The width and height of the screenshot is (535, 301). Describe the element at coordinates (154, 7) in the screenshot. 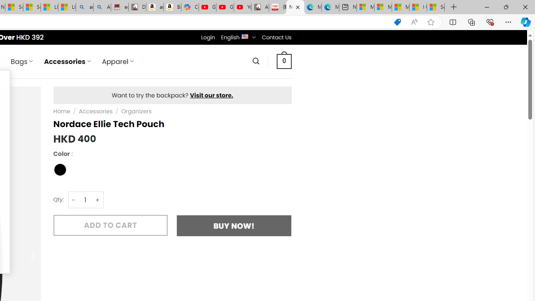

I see `'amazon.in/dp/B0CX59H5W7/?tag=gsmcom05-21'` at that location.